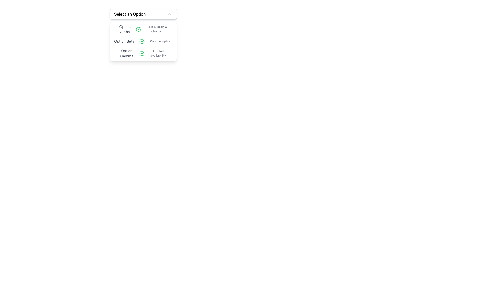  Describe the element at coordinates (143, 41) in the screenshot. I see `the second item in the dropdown list, which sets the value to 'Option Beta' when selected` at that location.